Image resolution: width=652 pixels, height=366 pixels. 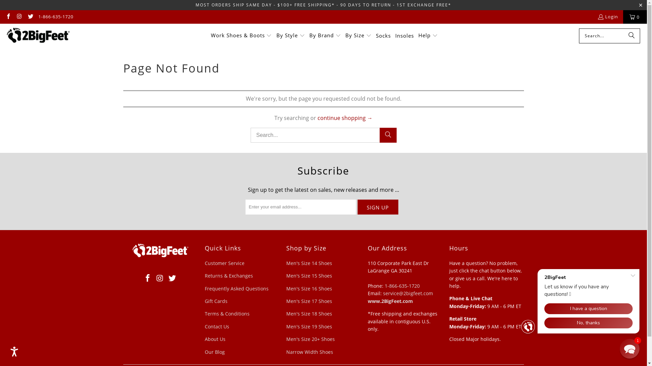 I want to click on 'Men's Size 16 Shoes', so click(x=308, y=288).